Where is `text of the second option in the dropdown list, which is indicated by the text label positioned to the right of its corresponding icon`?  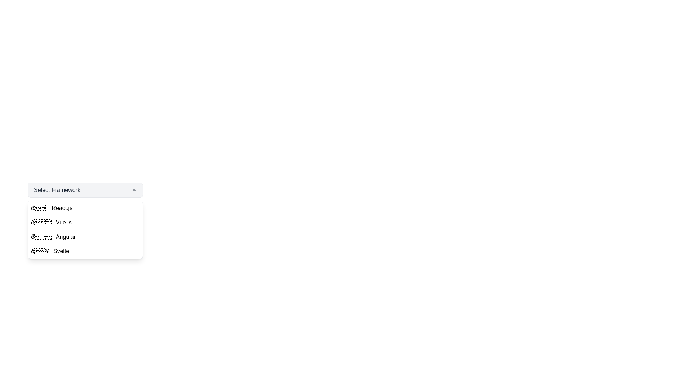
text of the second option in the dropdown list, which is indicated by the text label positioned to the right of its corresponding icon is located at coordinates (63, 222).